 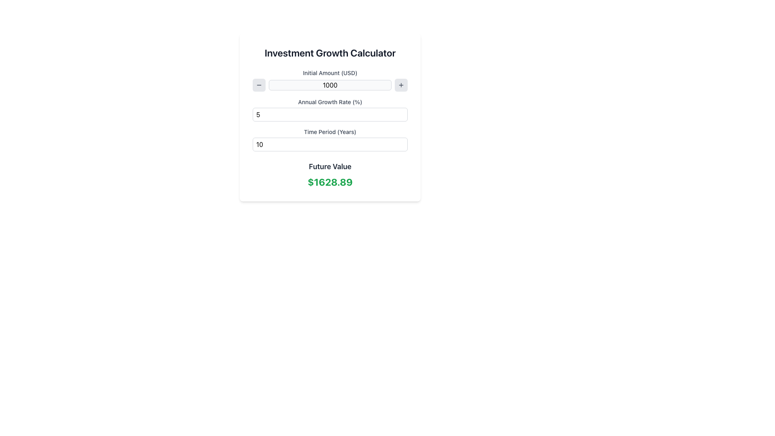 I want to click on static text label that displays 'Future Value', which is located centrally above the dollar value text in the user interface, so click(x=330, y=166).